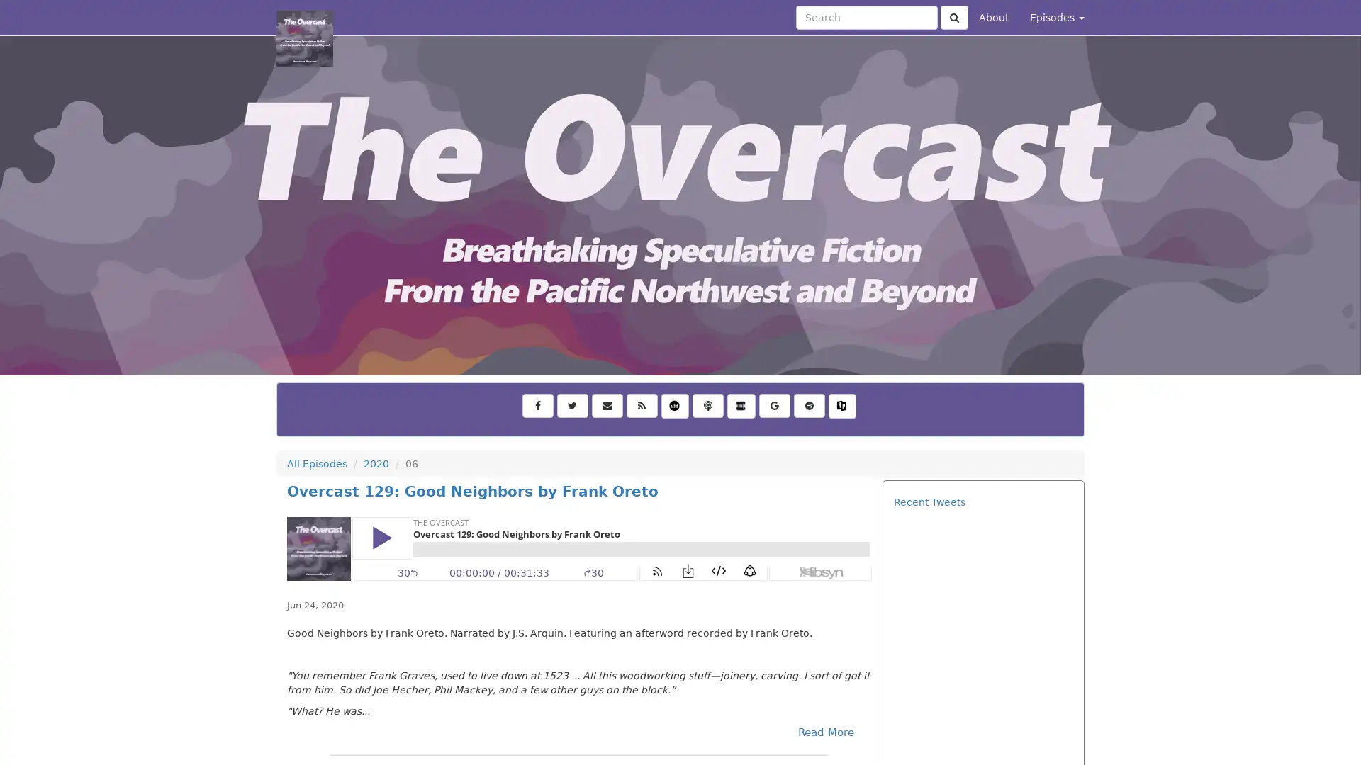  Describe the element at coordinates (954, 17) in the screenshot. I see `Click to submit search` at that location.